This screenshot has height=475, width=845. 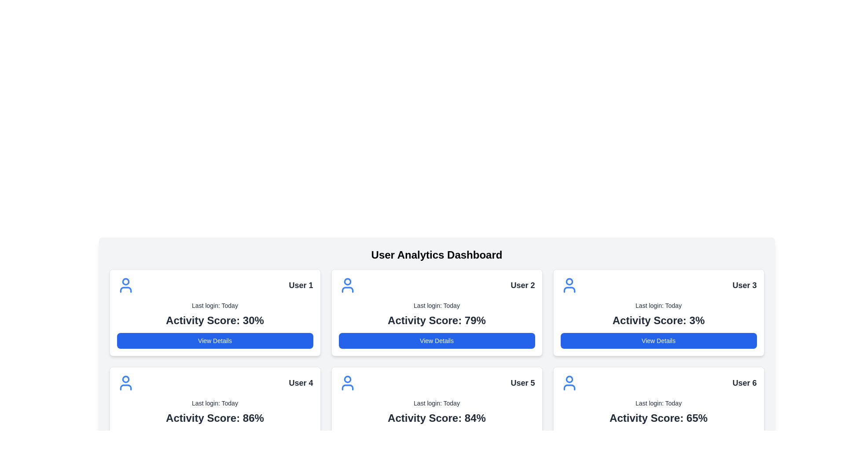 I want to click on the SVG Circle element that is part of the user icon located in the top-left corner of the card for 'User 4', so click(x=125, y=379).